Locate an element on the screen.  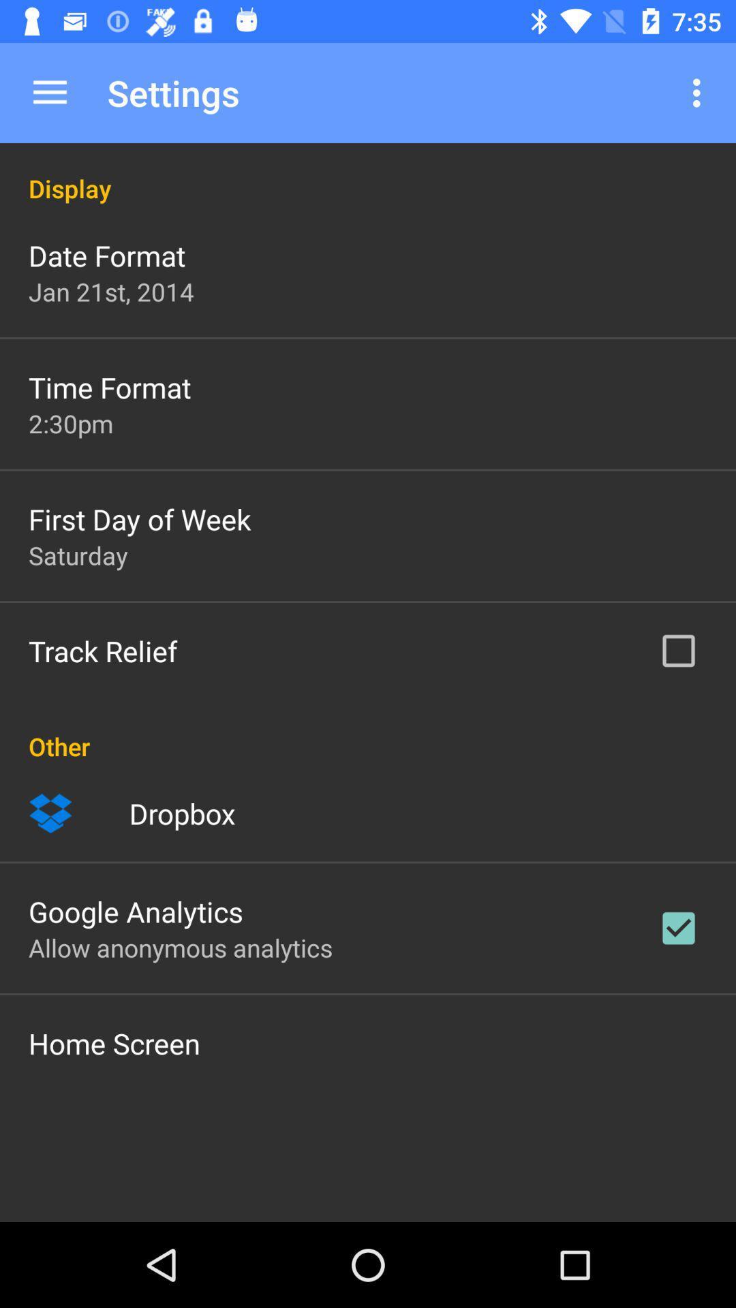
app below google analytics is located at coordinates (180, 947).